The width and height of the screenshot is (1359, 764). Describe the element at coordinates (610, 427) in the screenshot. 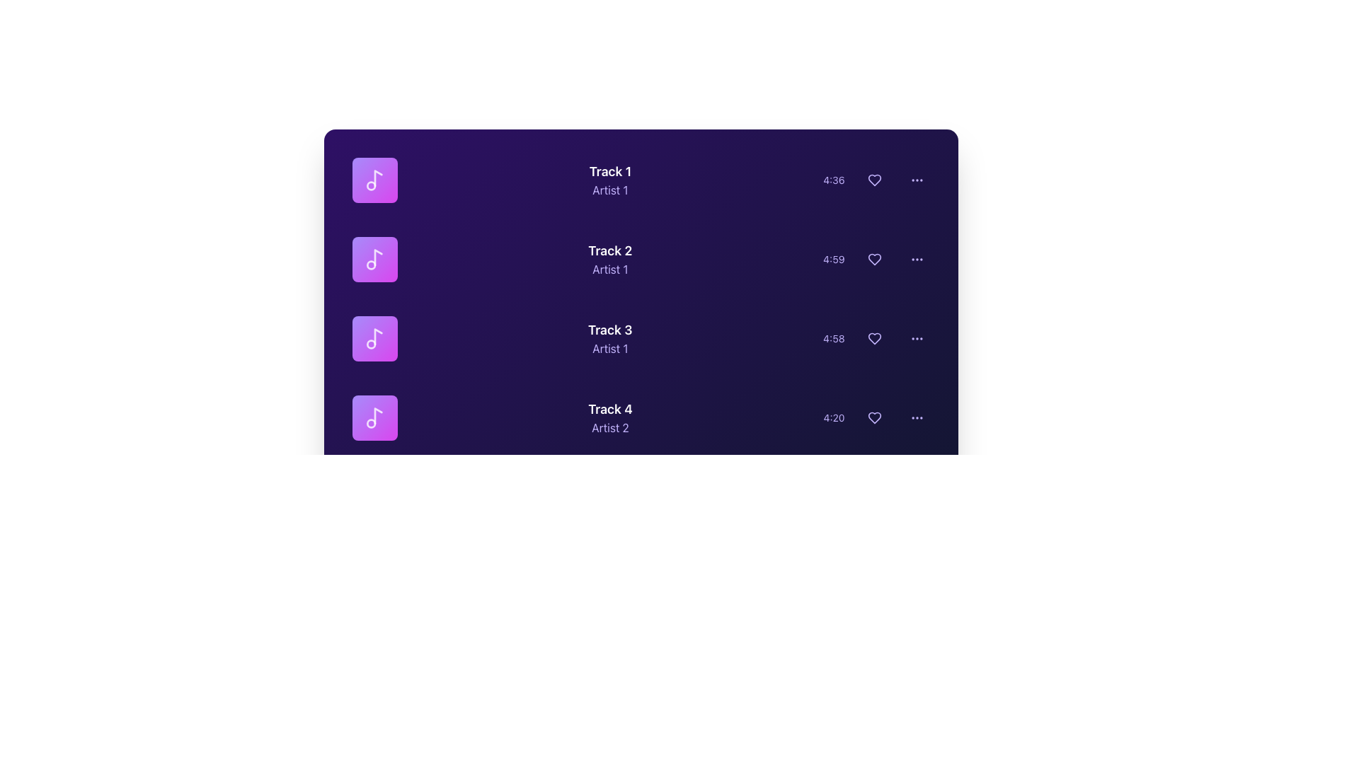

I see `the text label displaying 'Artist 2', which is styled in violet color and located below 'Track 4' in the list of tracks` at that location.